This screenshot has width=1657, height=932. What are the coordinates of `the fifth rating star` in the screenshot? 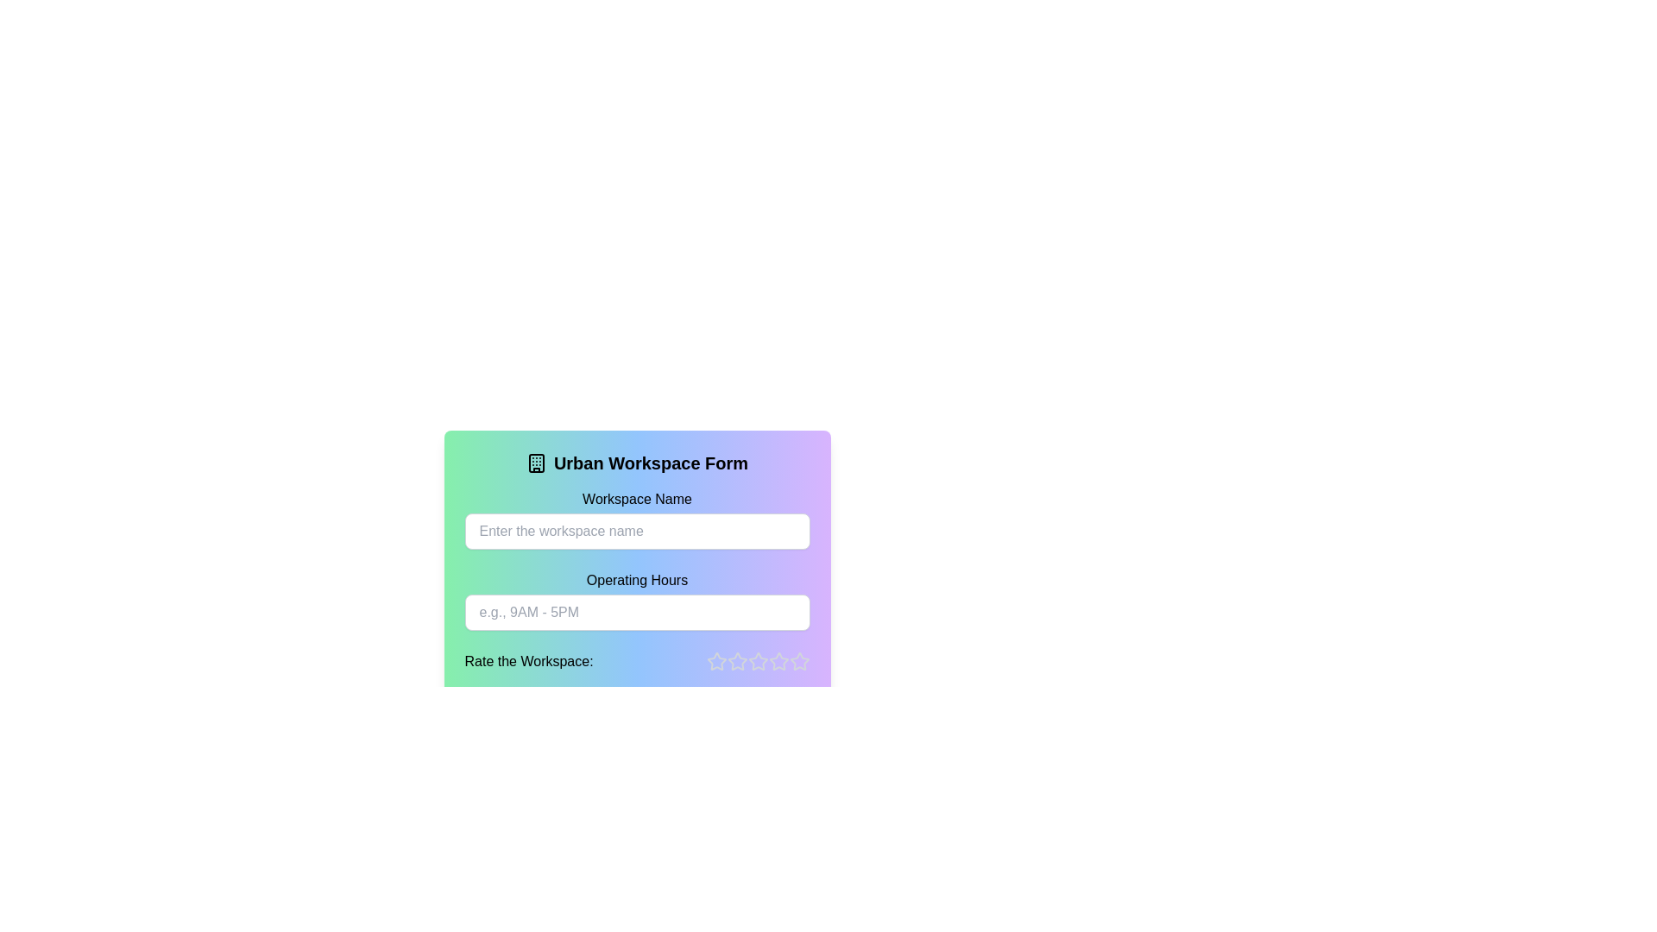 It's located at (778, 661).